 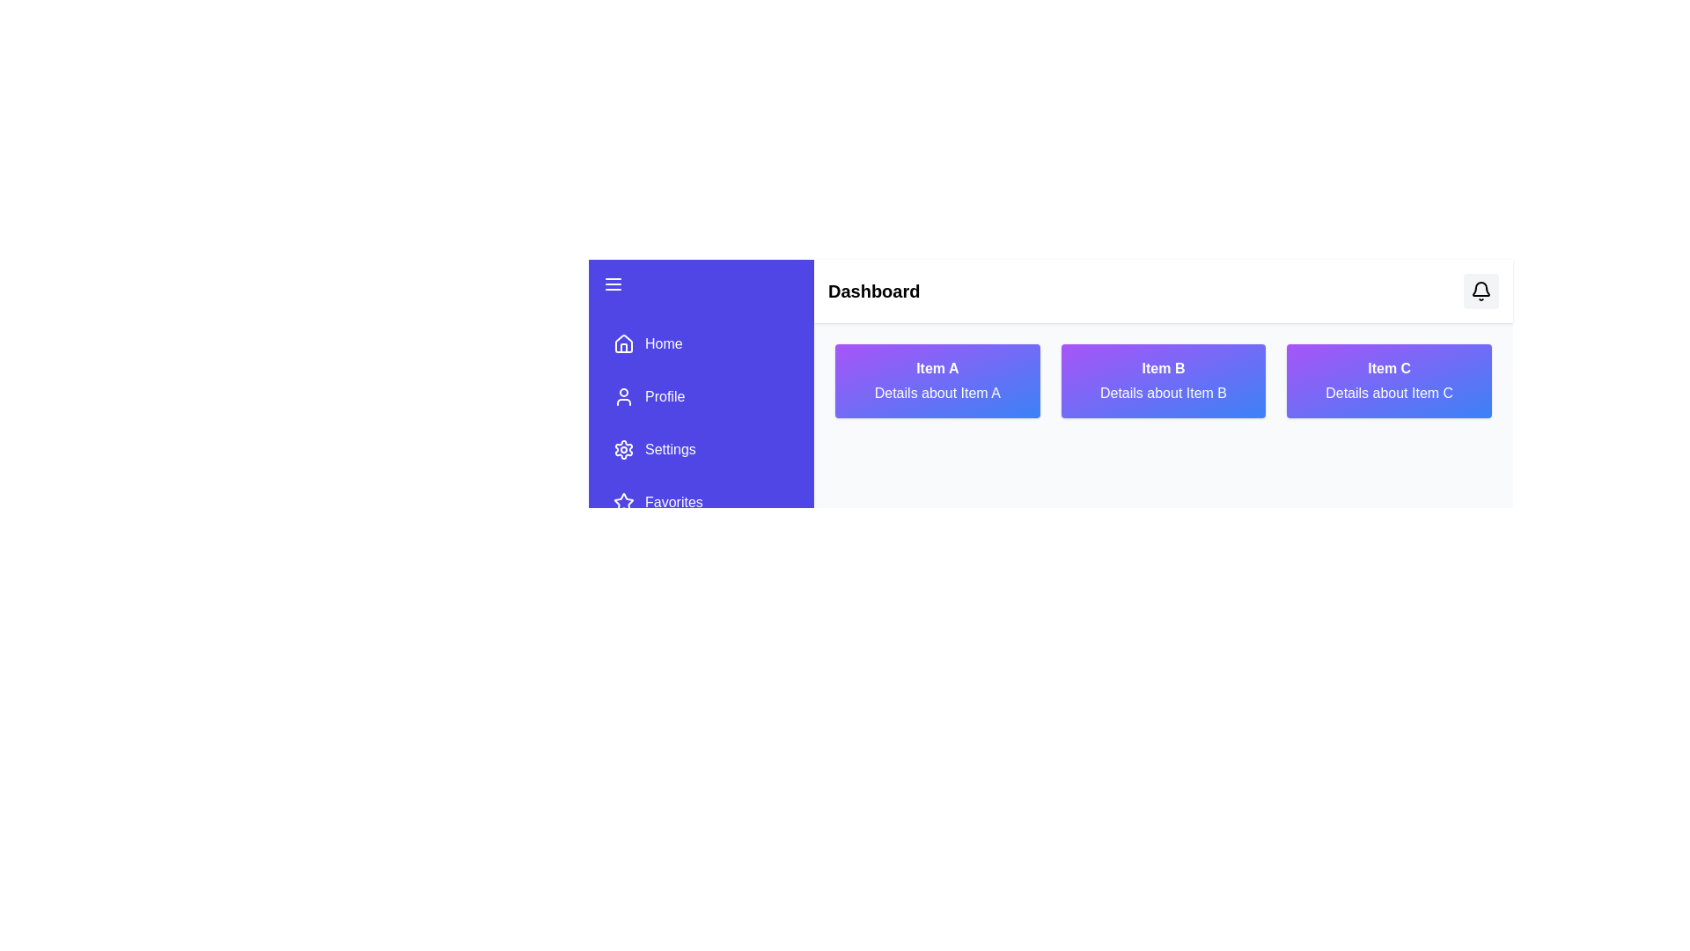 What do you see at coordinates (1163, 380) in the screenshot?
I see `the 'Item B' card, which is the second card in a horizontal series of three, featuring a gradient background from purple to blue and centered white text with the title 'Item B' above the descriptive text` at bounding box center [1163, 380].